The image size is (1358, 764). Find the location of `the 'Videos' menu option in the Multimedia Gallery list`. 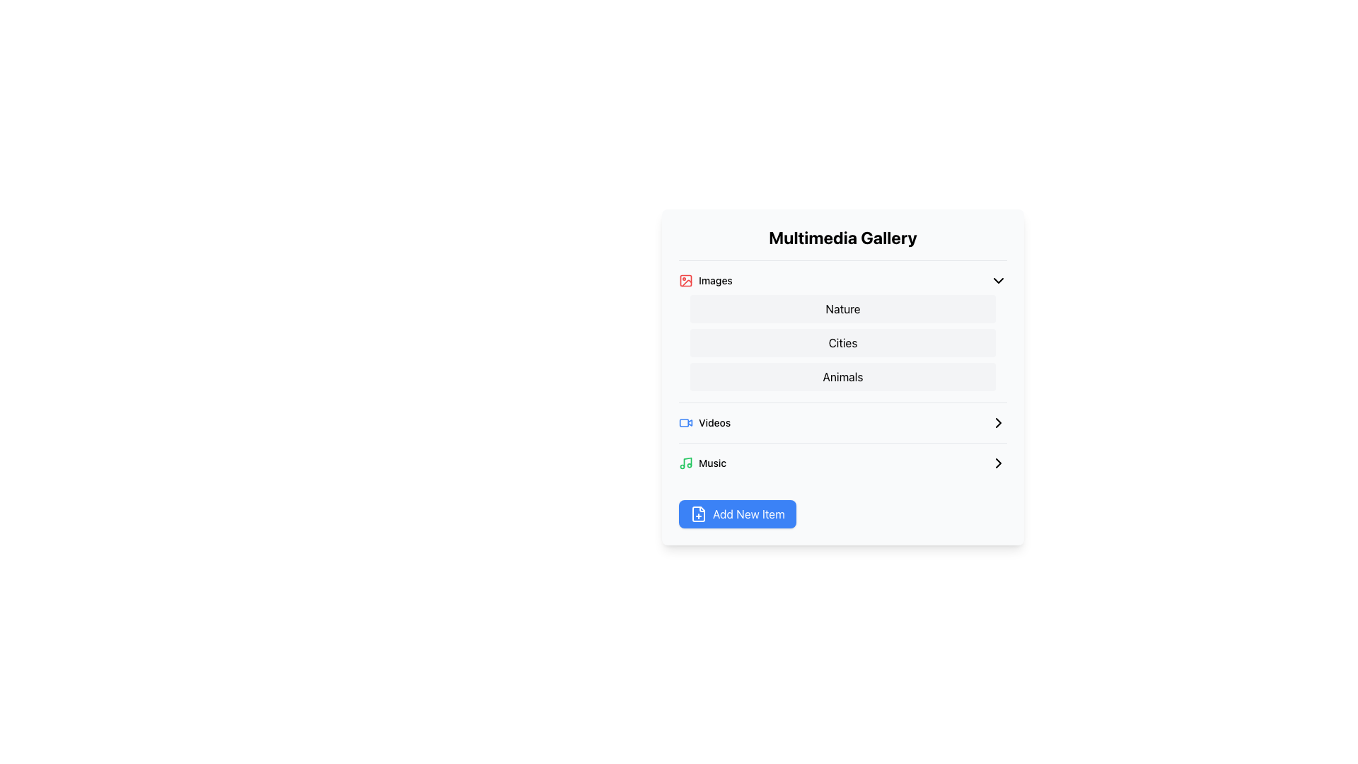

the 'Videos' menu option in the Multimedia Gallery list is located at coordinates (842, 422).